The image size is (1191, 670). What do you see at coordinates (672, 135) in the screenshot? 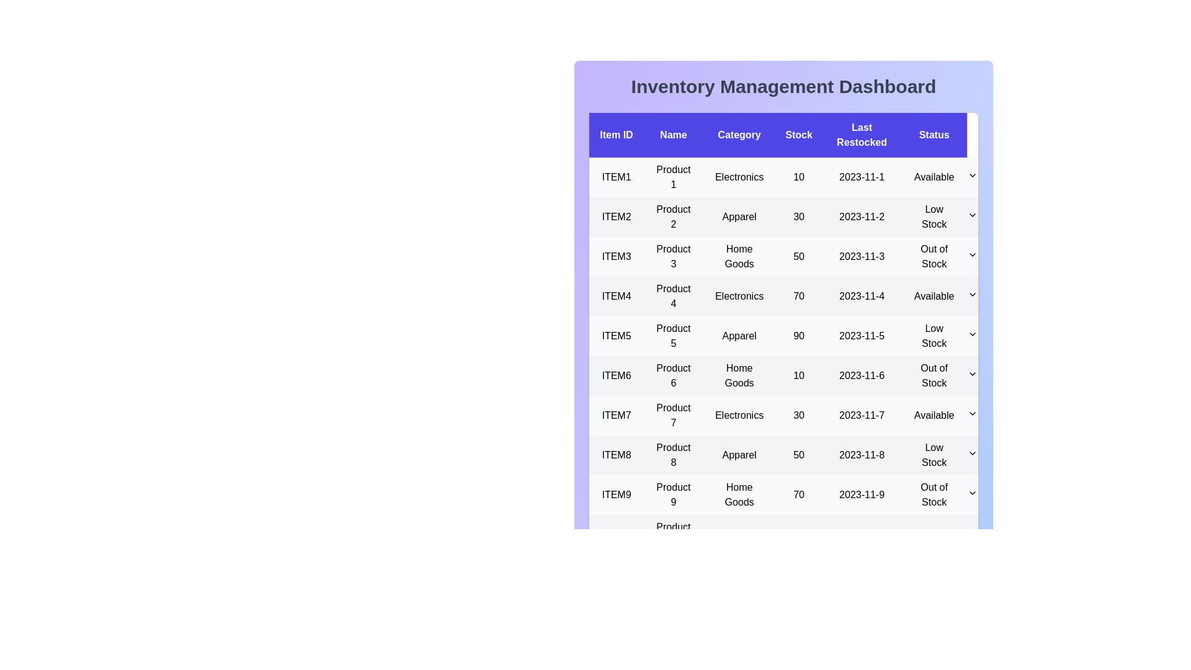
I see `the column header Name to sort the data by that column` at bounding box center [672, 135].